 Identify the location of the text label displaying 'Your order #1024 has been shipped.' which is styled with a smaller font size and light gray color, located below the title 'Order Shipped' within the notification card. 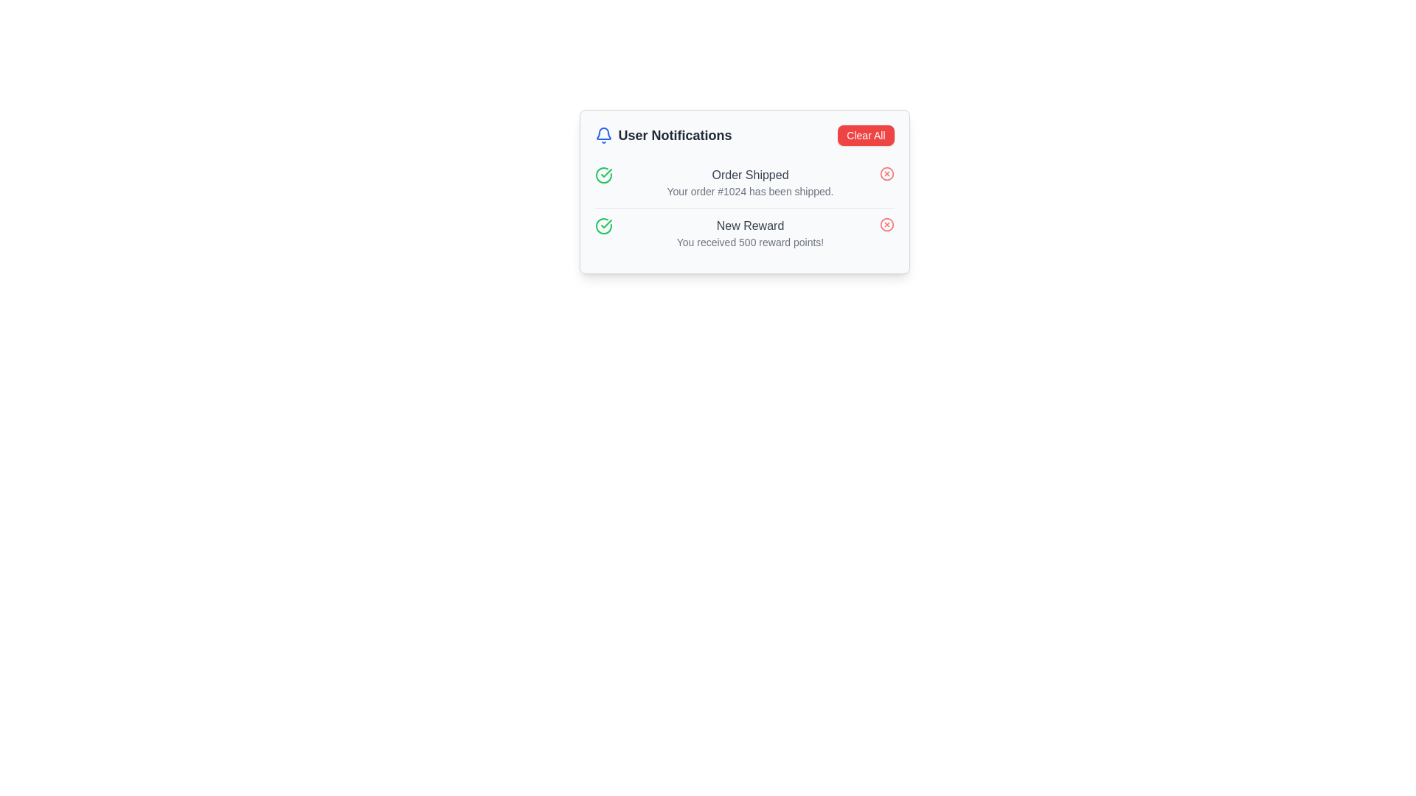
(750, 190).